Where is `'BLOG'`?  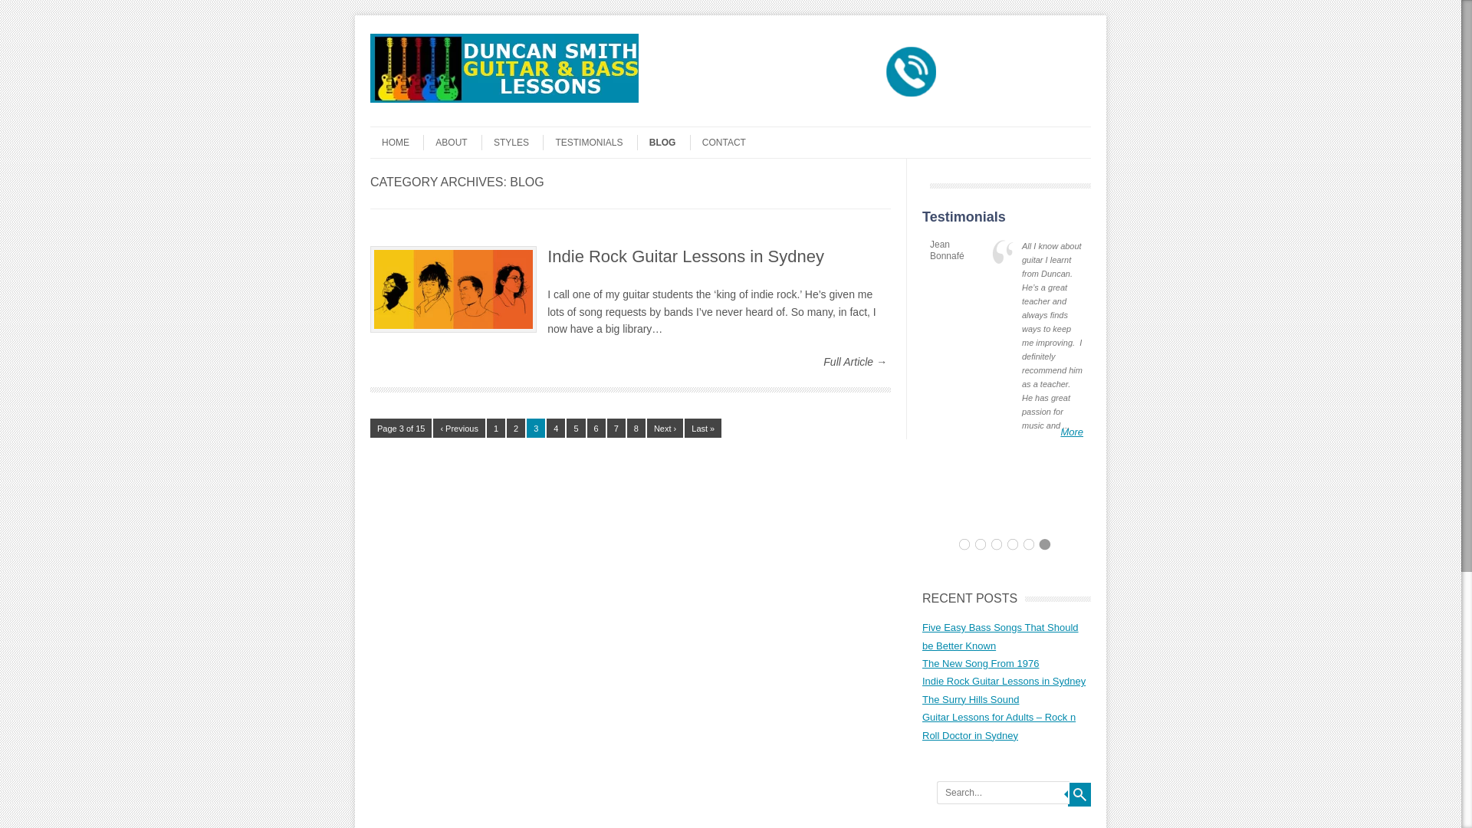 'BLOG' is located at coordinates (636, 142).